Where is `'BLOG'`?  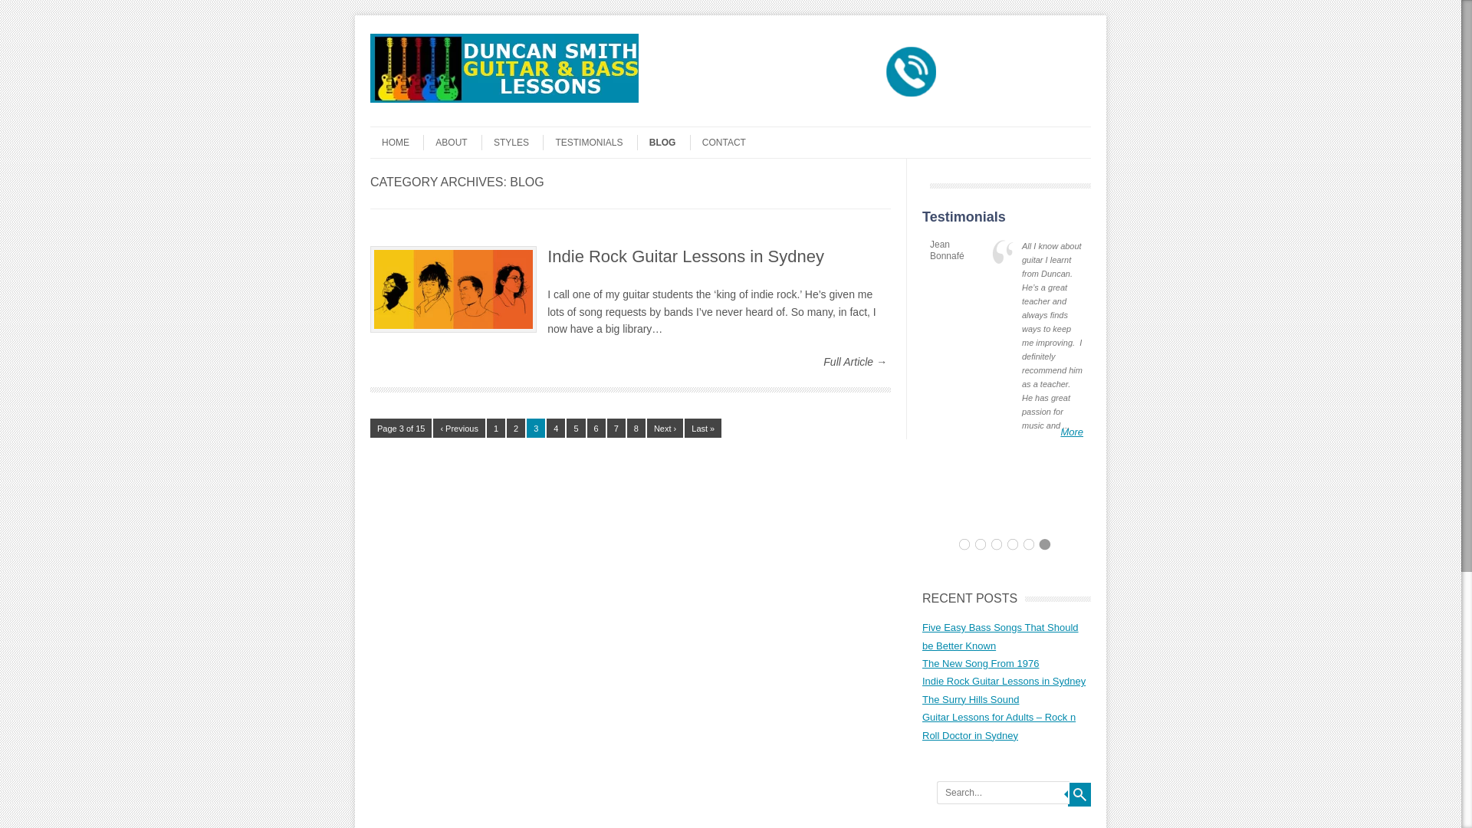 'BLOG' is located at coordinates (636, 142).